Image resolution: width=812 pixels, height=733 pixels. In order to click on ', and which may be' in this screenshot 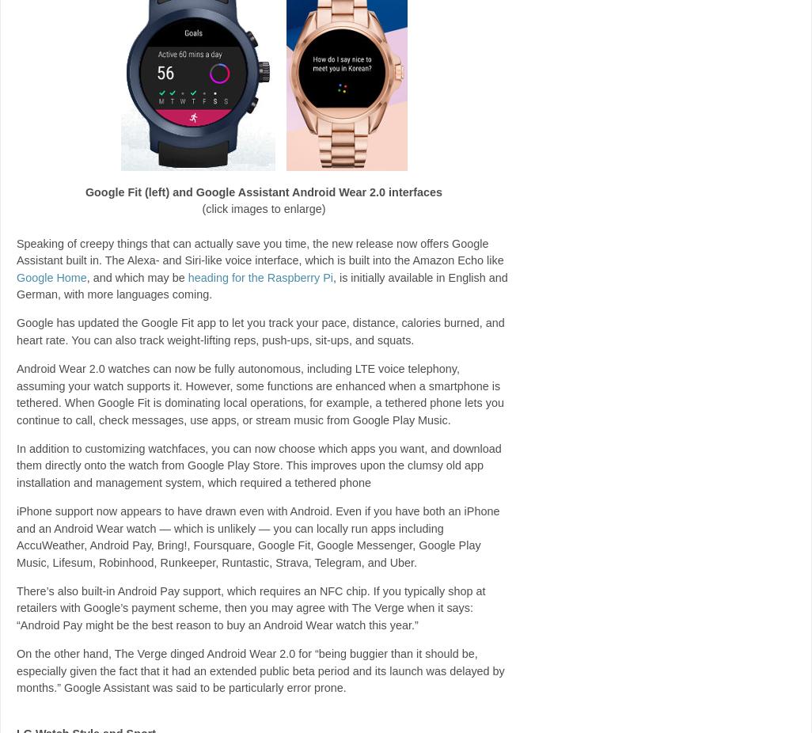, I will do `click(135, 277)`.